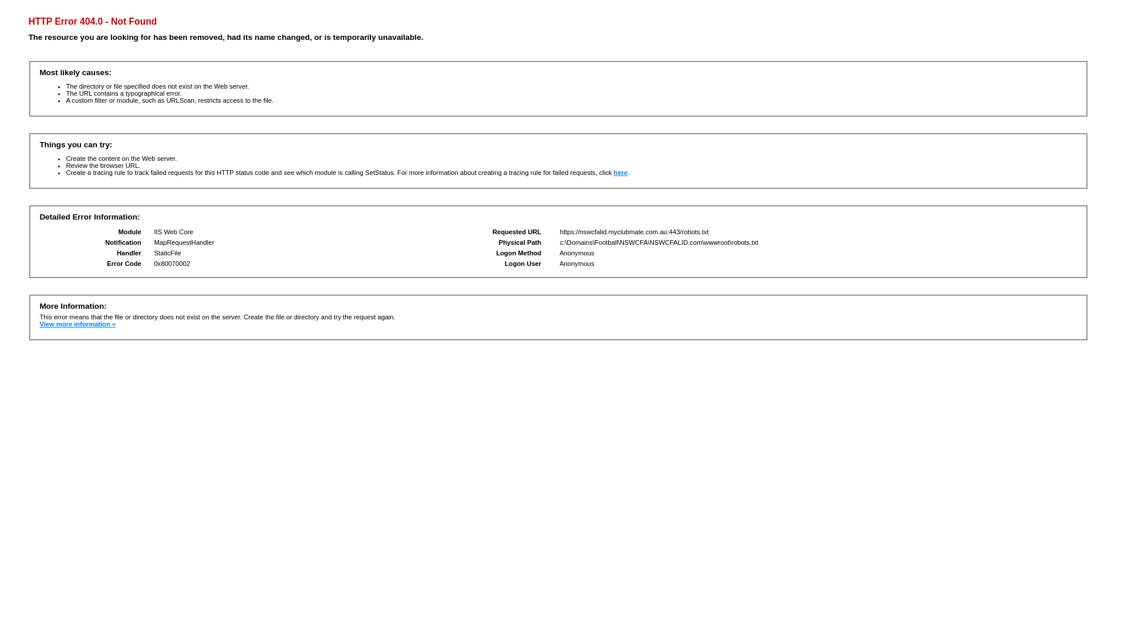 Image resolution: width=1127 pixels, height=634 pixels. Describe the element at coordinates (620, 172) in the screenshot. I see `'here'` at that location.